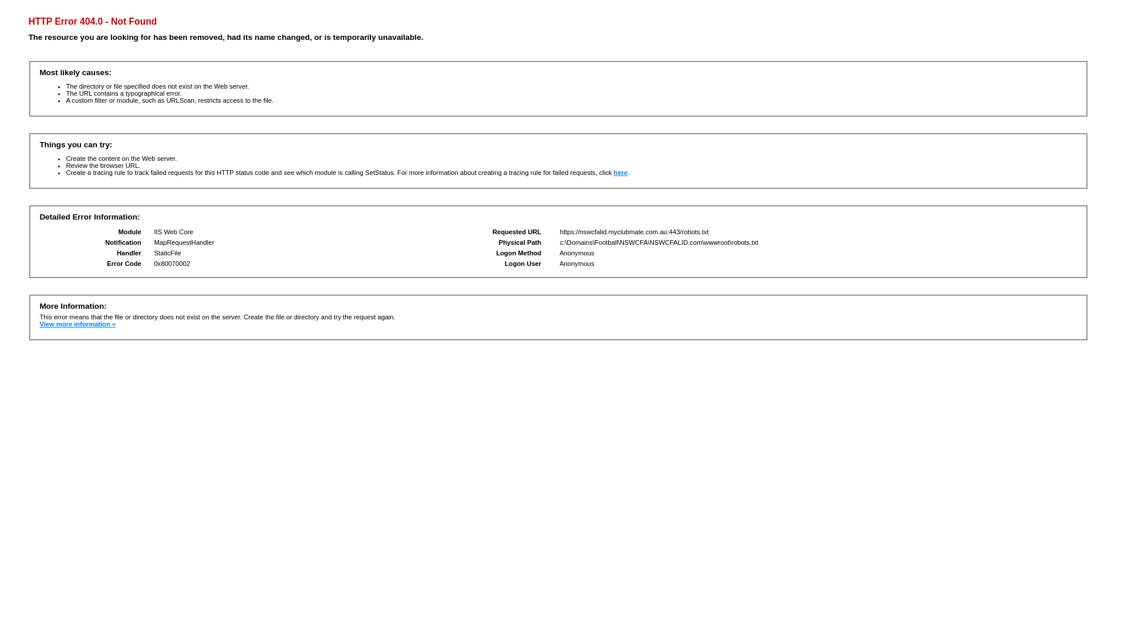 Image resolution: width=1127 pixels, height=634 pixels. Describe the element at coordinates (620, 172) in the screenshot. I see `'here'` at that location.